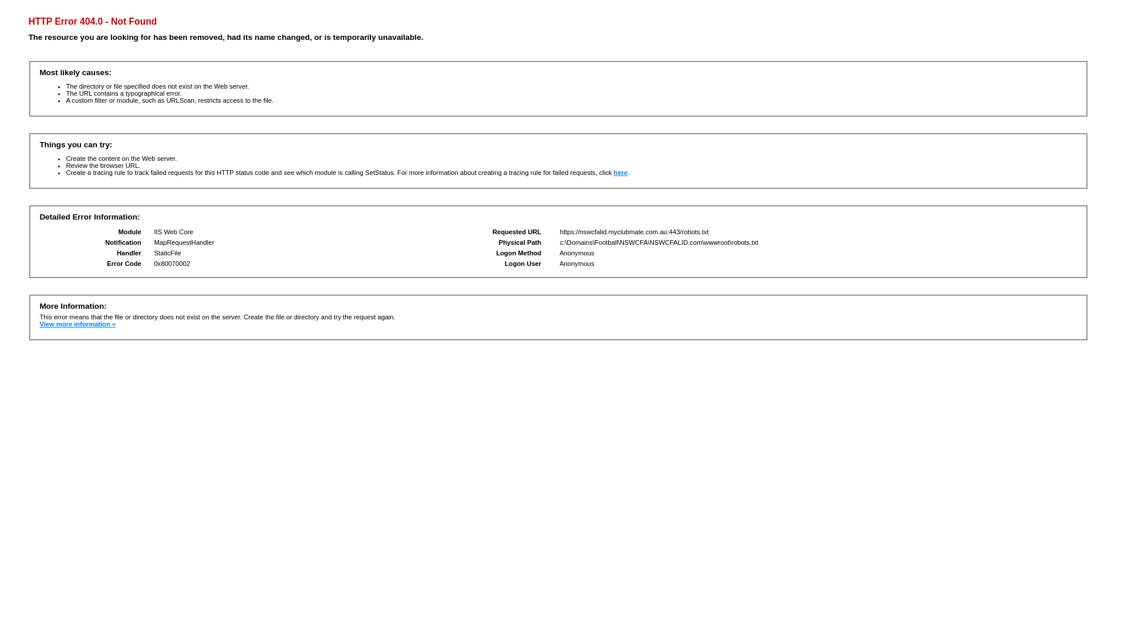 Image resolution: width=1127 pixels, height=634 pixels. Describe the element at coordinates (620, 172) in the screenshot. I see `'here'` at that location.